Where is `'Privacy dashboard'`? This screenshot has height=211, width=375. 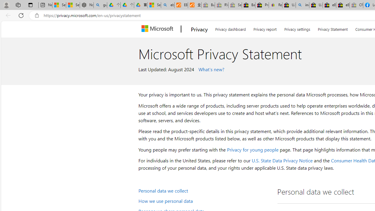
'Privacy dashboard' is located at coordinates (230, 28).